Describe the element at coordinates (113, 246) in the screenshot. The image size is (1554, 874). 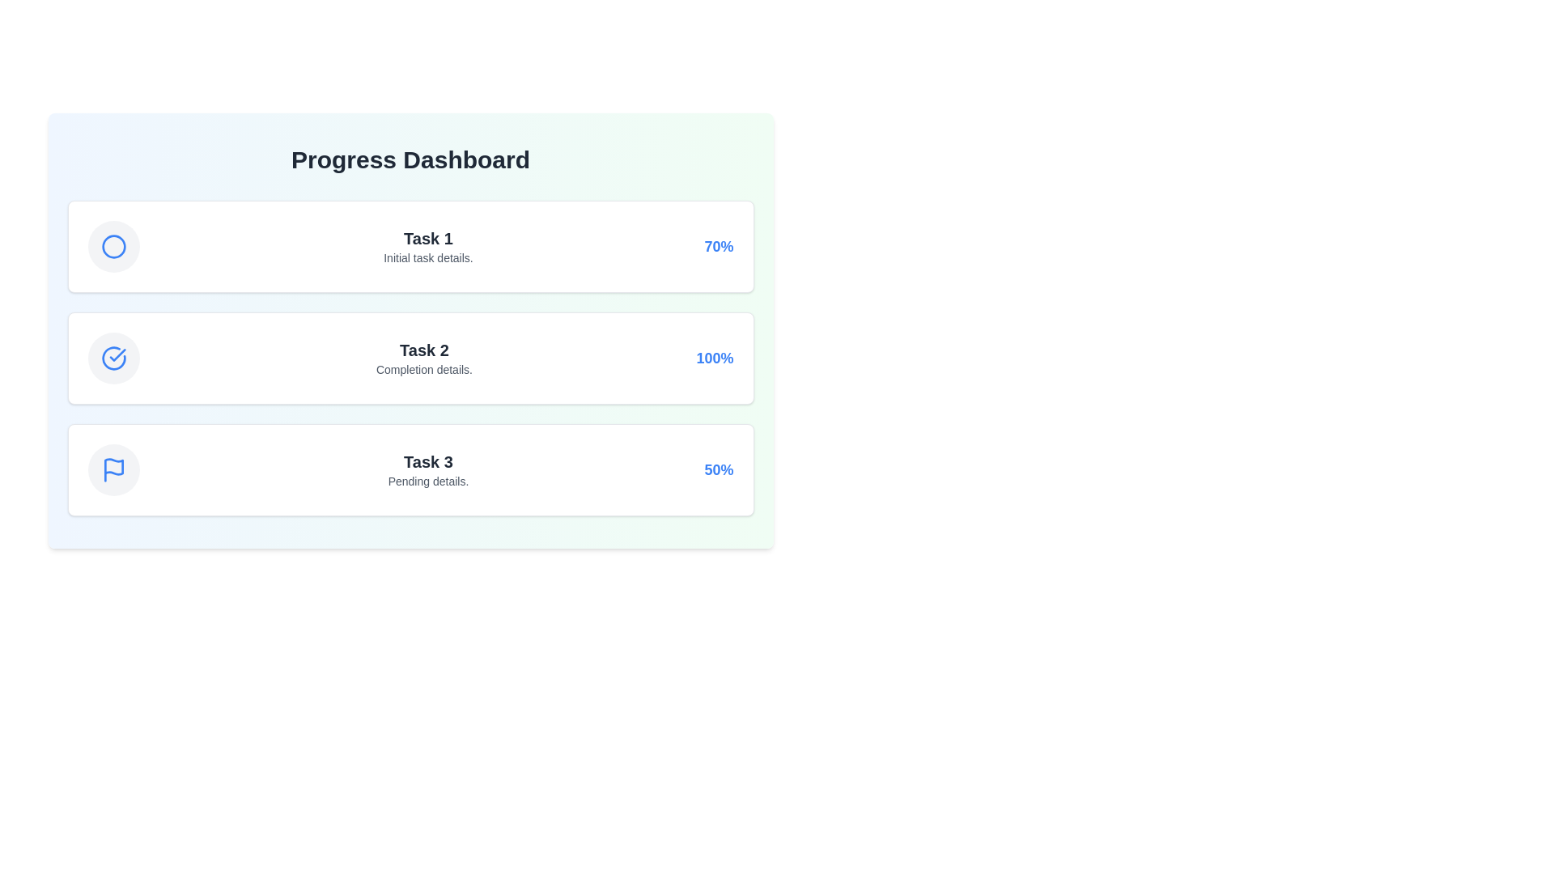
I see `the SVG-based circular icon that serves as a visual identifier for 'Task 1', located at the leftmost position of the first row next to the label 'Task 1'` at that location.